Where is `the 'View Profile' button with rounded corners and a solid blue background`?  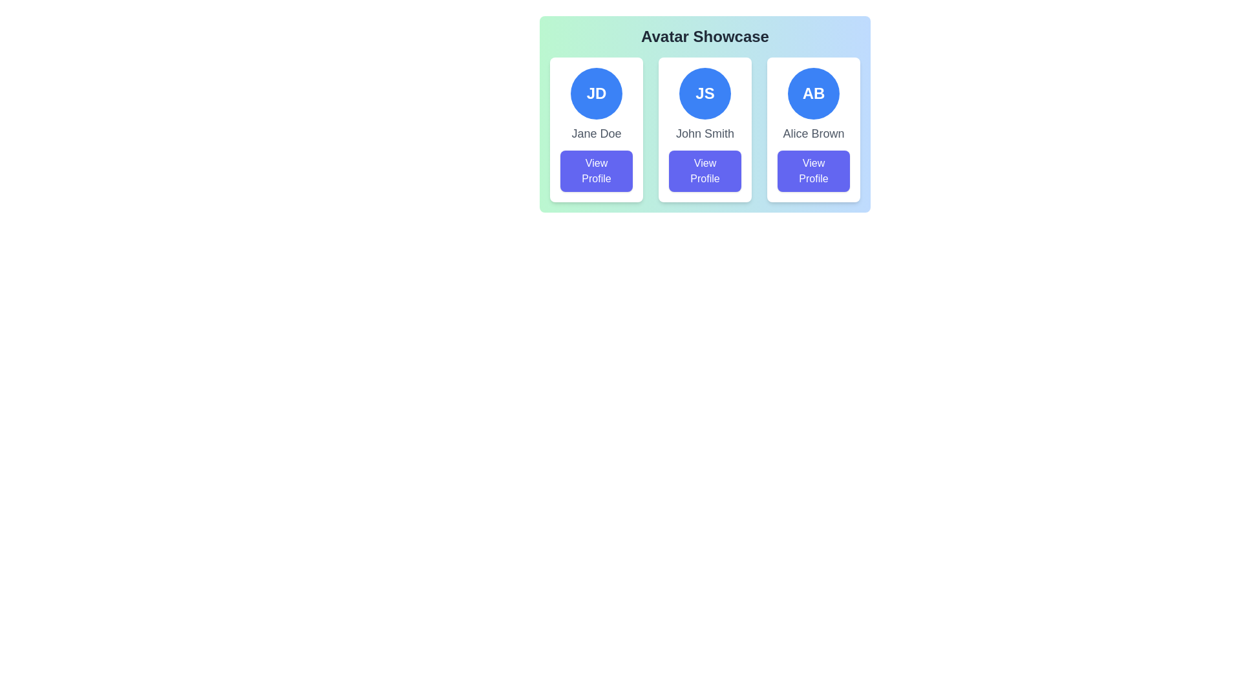
the 'View Profile' button with rounded corners and a solid blue background is located at coordinates (812, 171).